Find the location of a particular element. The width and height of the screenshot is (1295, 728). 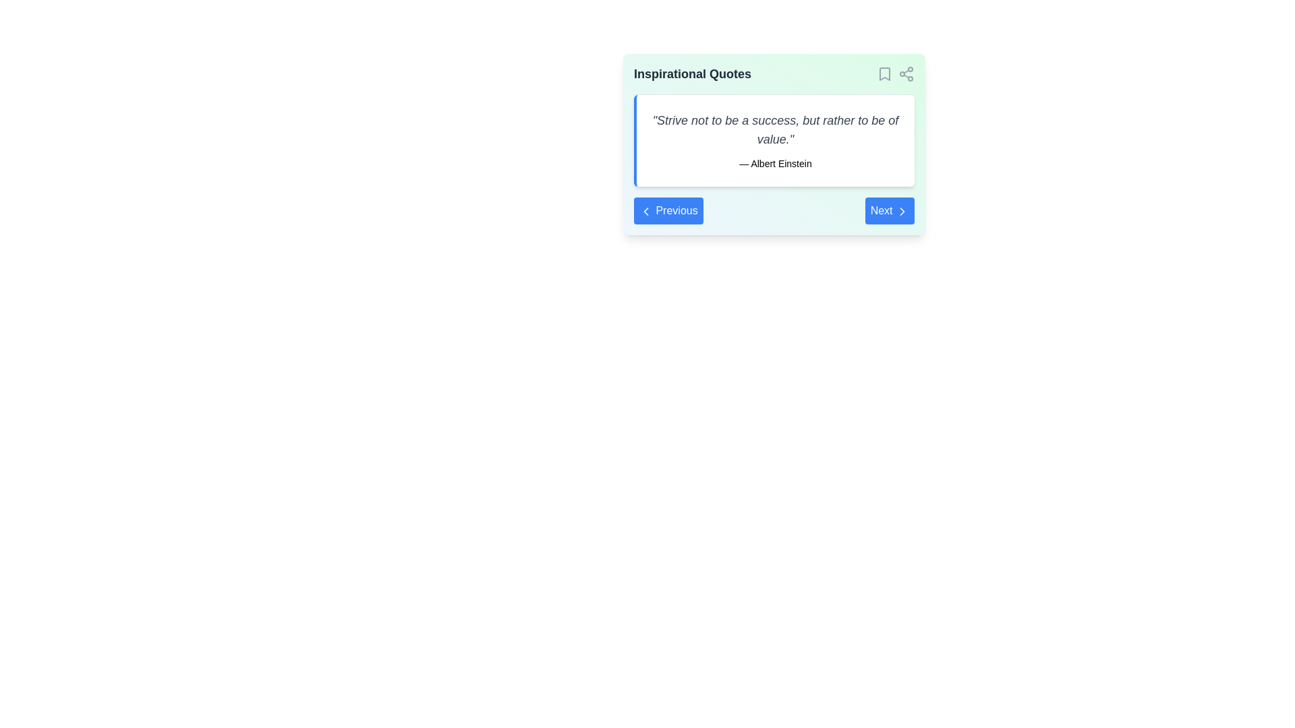

the 'Next' button is located at coordinates (890, 210).